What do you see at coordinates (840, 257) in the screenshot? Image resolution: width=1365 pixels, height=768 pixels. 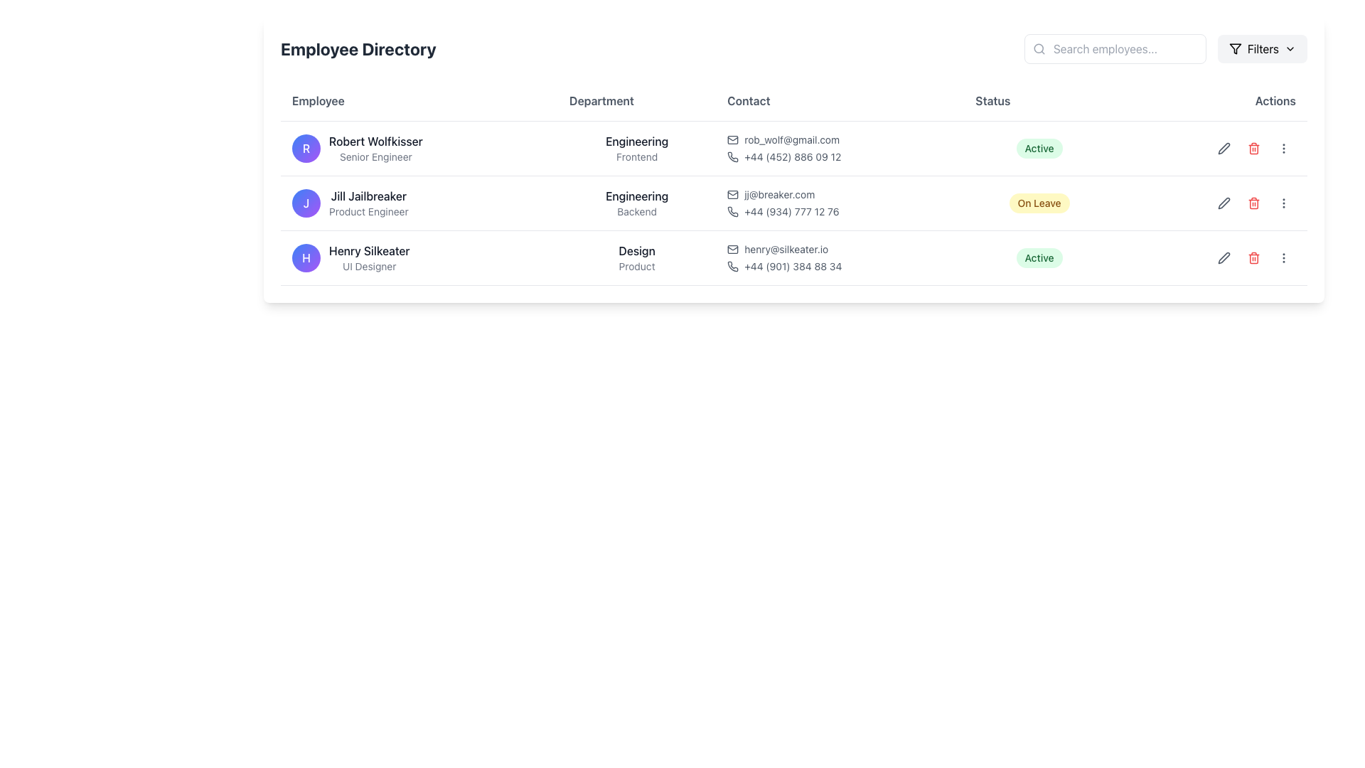 I see `the email address 'henry@silkeater.io' or the phone number '+44 (901) 384 88 34'` at bounding box center [840, 257].